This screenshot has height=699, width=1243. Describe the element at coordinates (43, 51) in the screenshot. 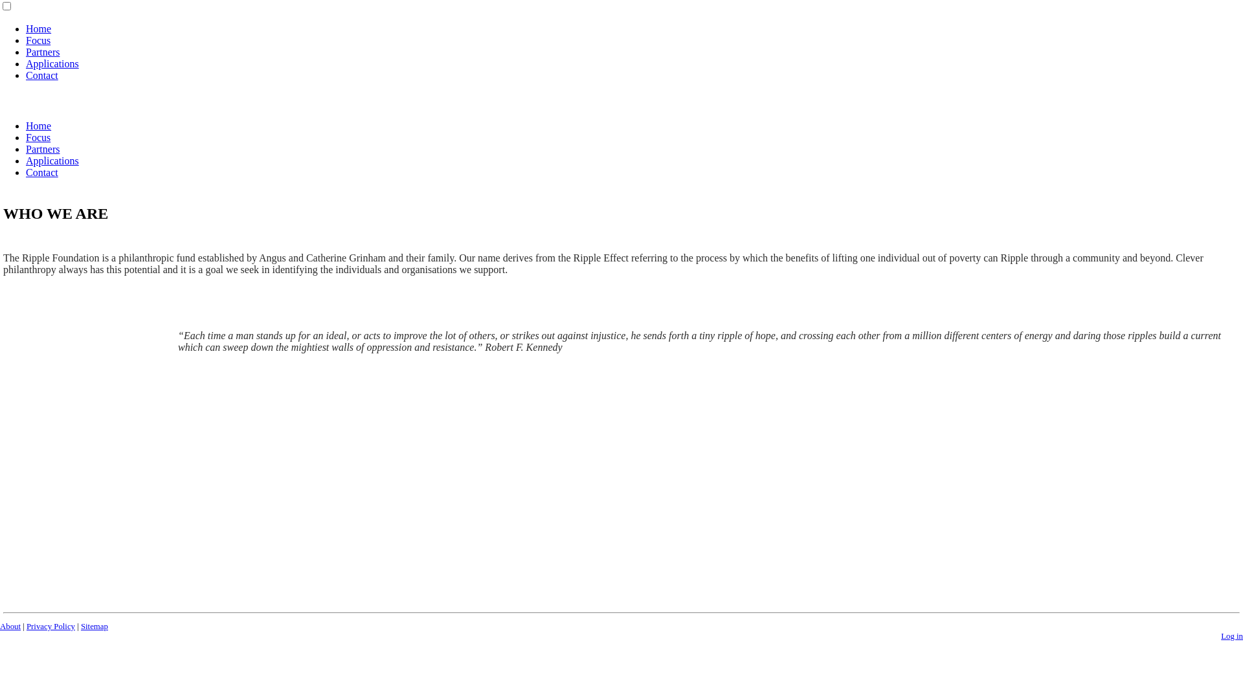

I see `'Partners'` at that location.